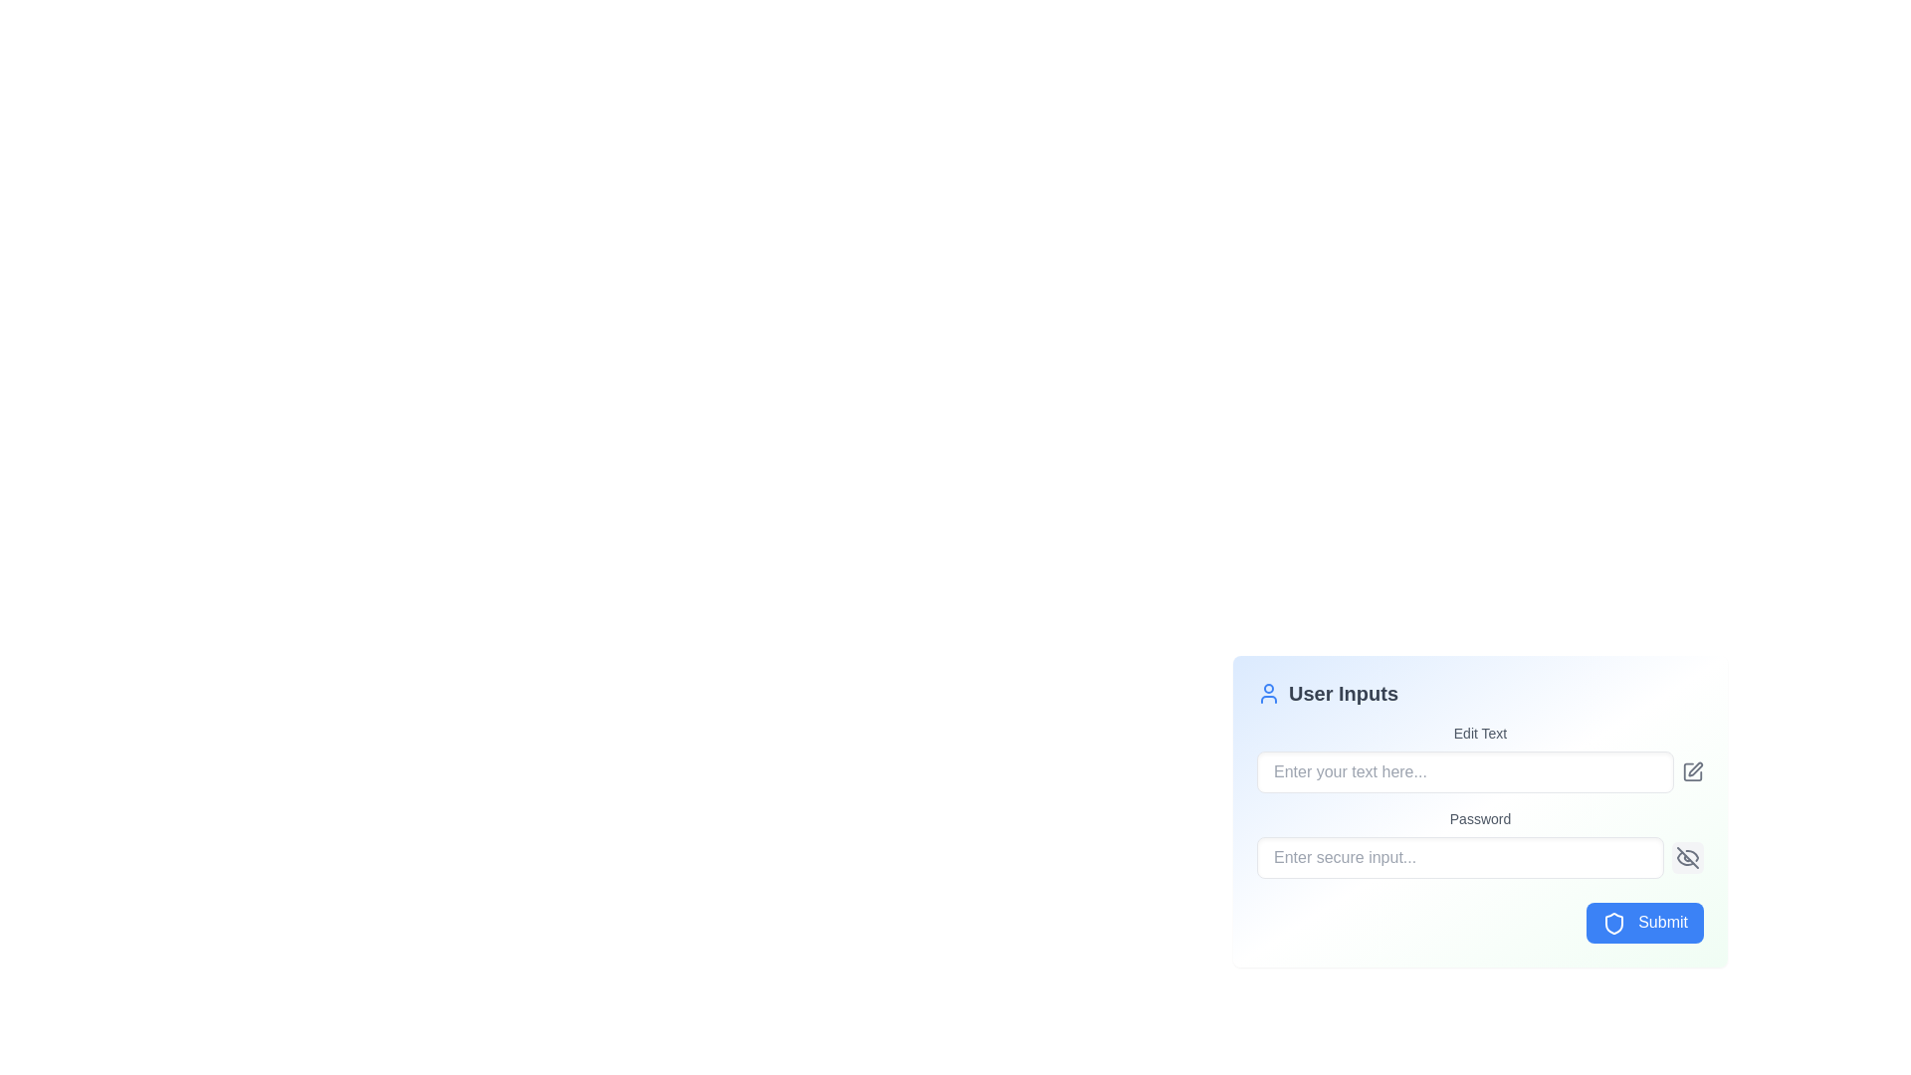 The height and width of the screenshot is (1075, 1911). I want to click on the circular gray button with an eye icon and a diagonal line crossing through it, so click(1686, 856).